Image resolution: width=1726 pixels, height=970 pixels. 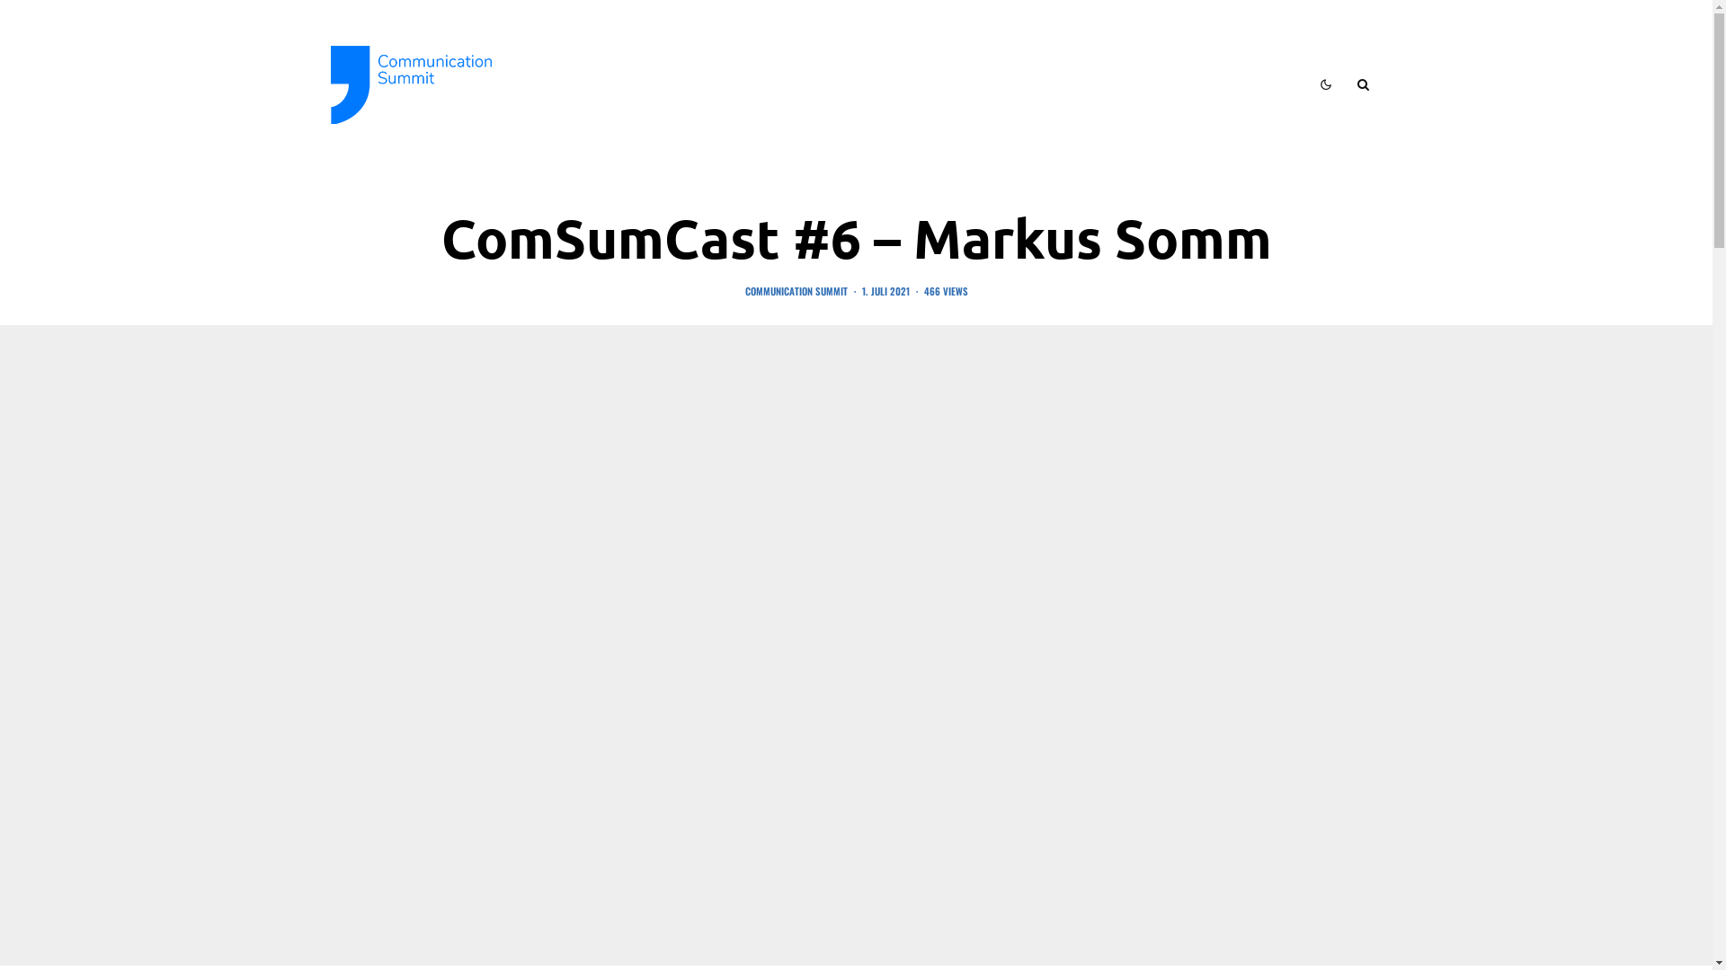 What do you see at coordinates (794, 290) in the screenshot?
I see `'COMMUNICATION SUMMIT'` at bounding box center [794, 290].